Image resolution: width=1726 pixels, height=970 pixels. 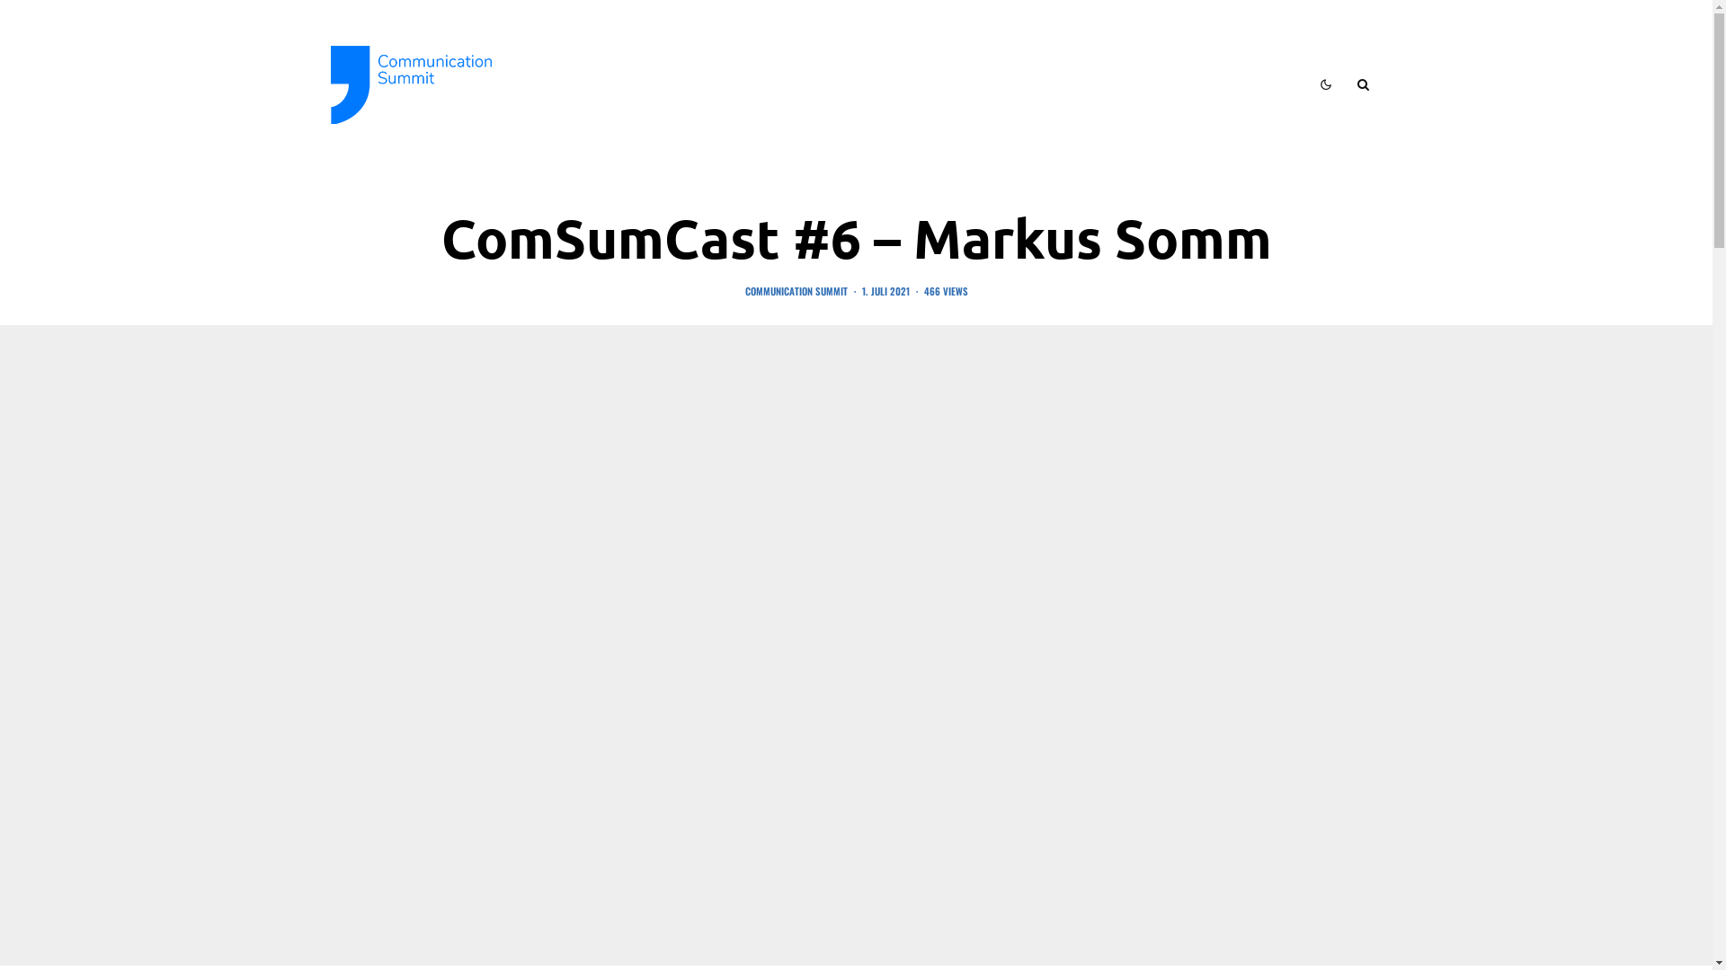 What do you see at coordinates (794, 290) in the screenshot?
I see `'COMMUNICATION SUMMIT'` at bounding box center [794, 290].